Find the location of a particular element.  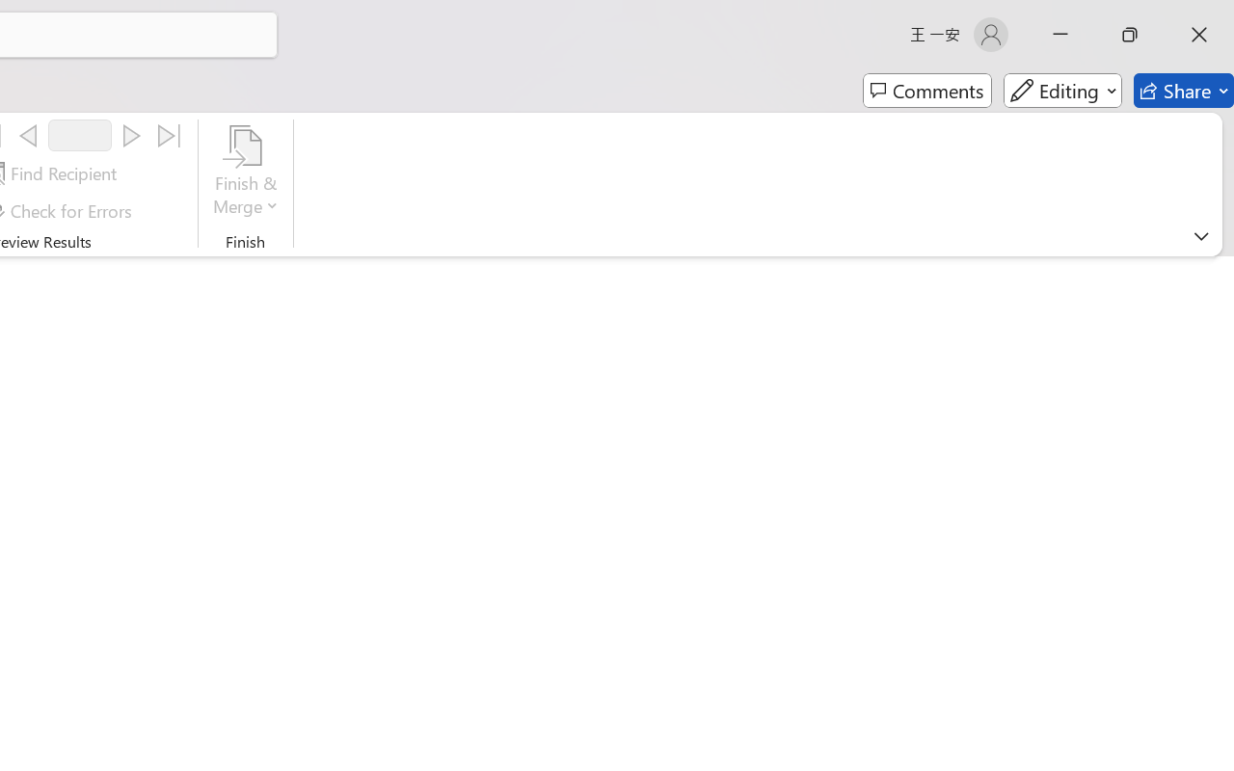

'Last' is located at coordinates (170, 136).